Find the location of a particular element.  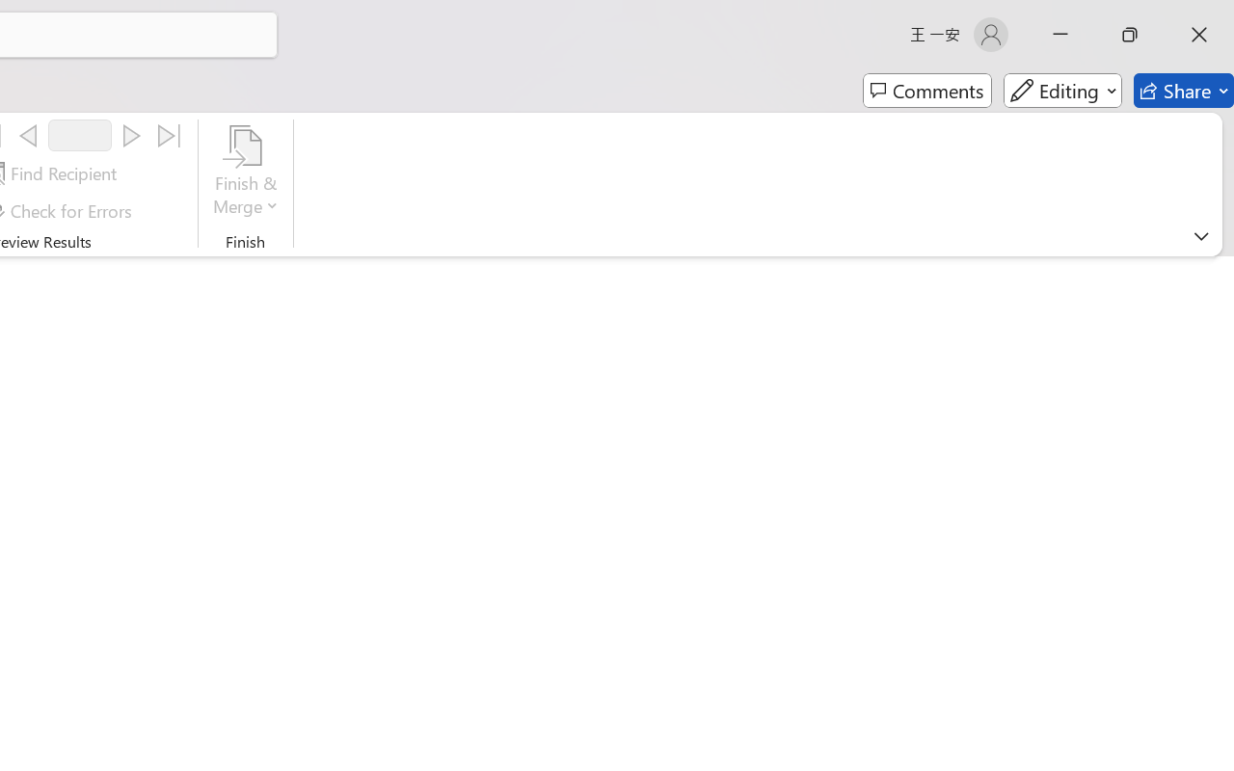

'Last' is located at coordinates (170, 136).